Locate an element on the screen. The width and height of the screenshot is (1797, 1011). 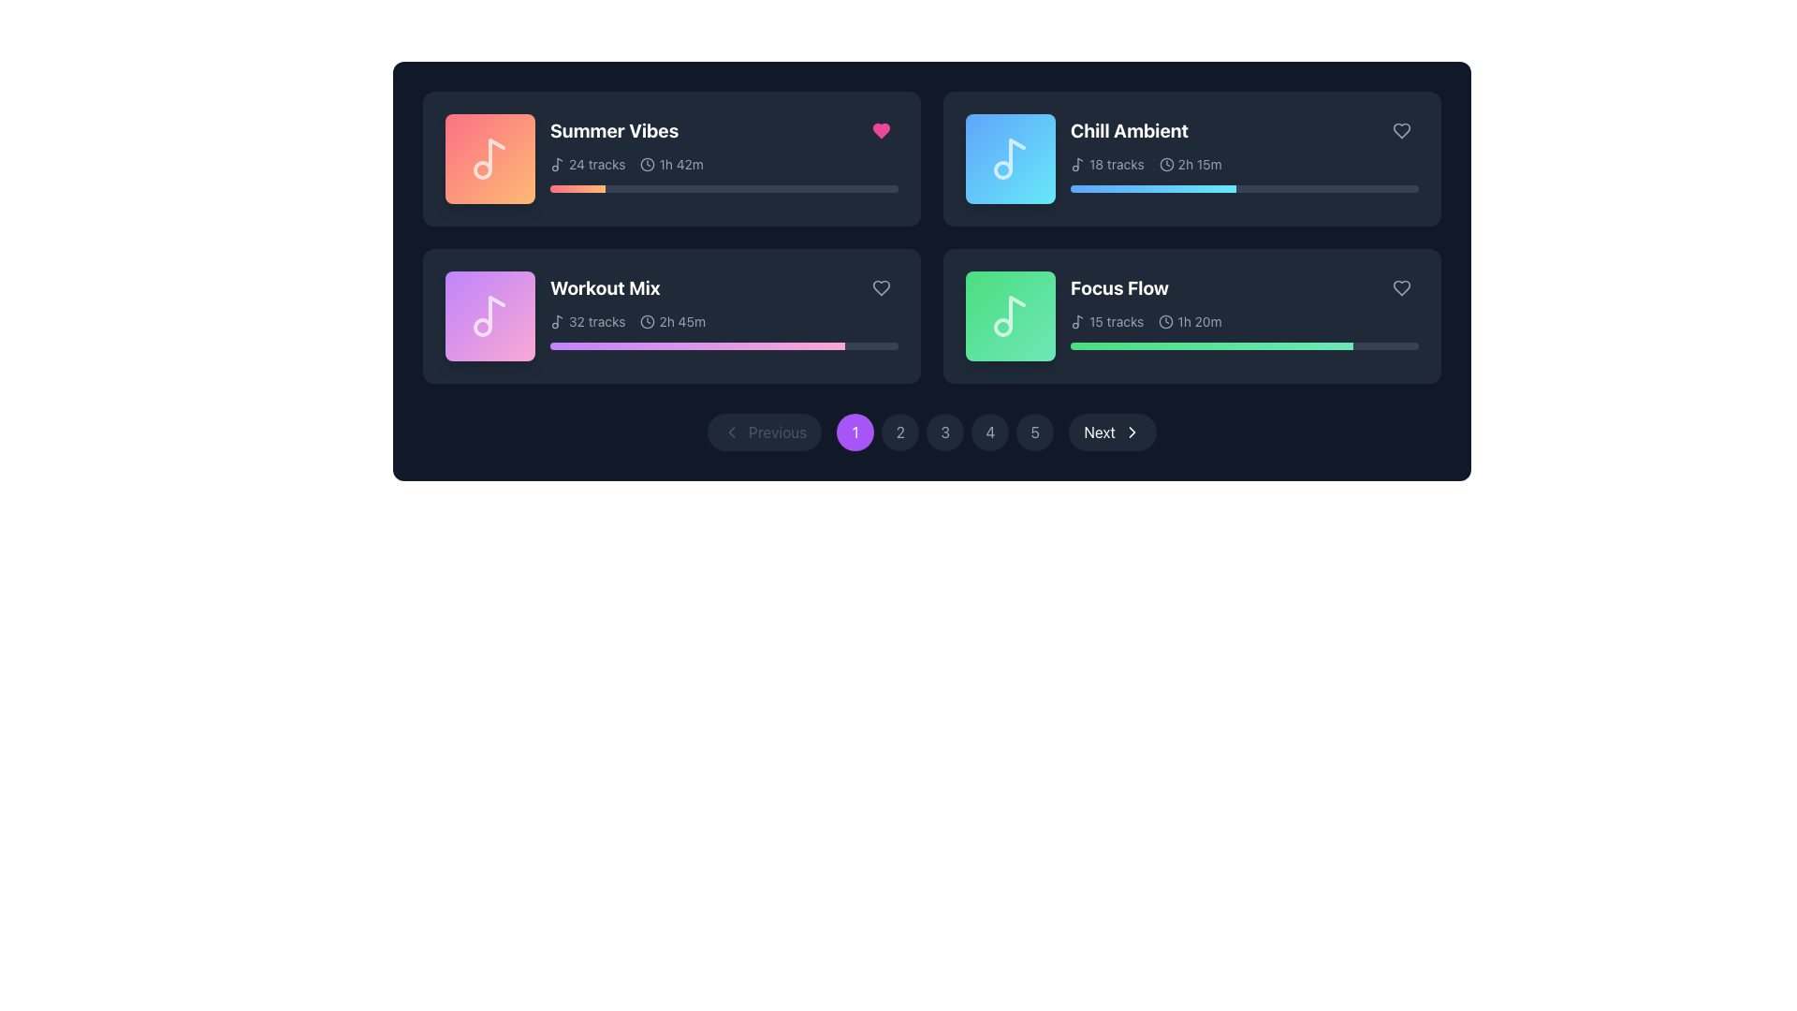
the 'Summer Vibes' information card element is located at coordinates (723, 153).